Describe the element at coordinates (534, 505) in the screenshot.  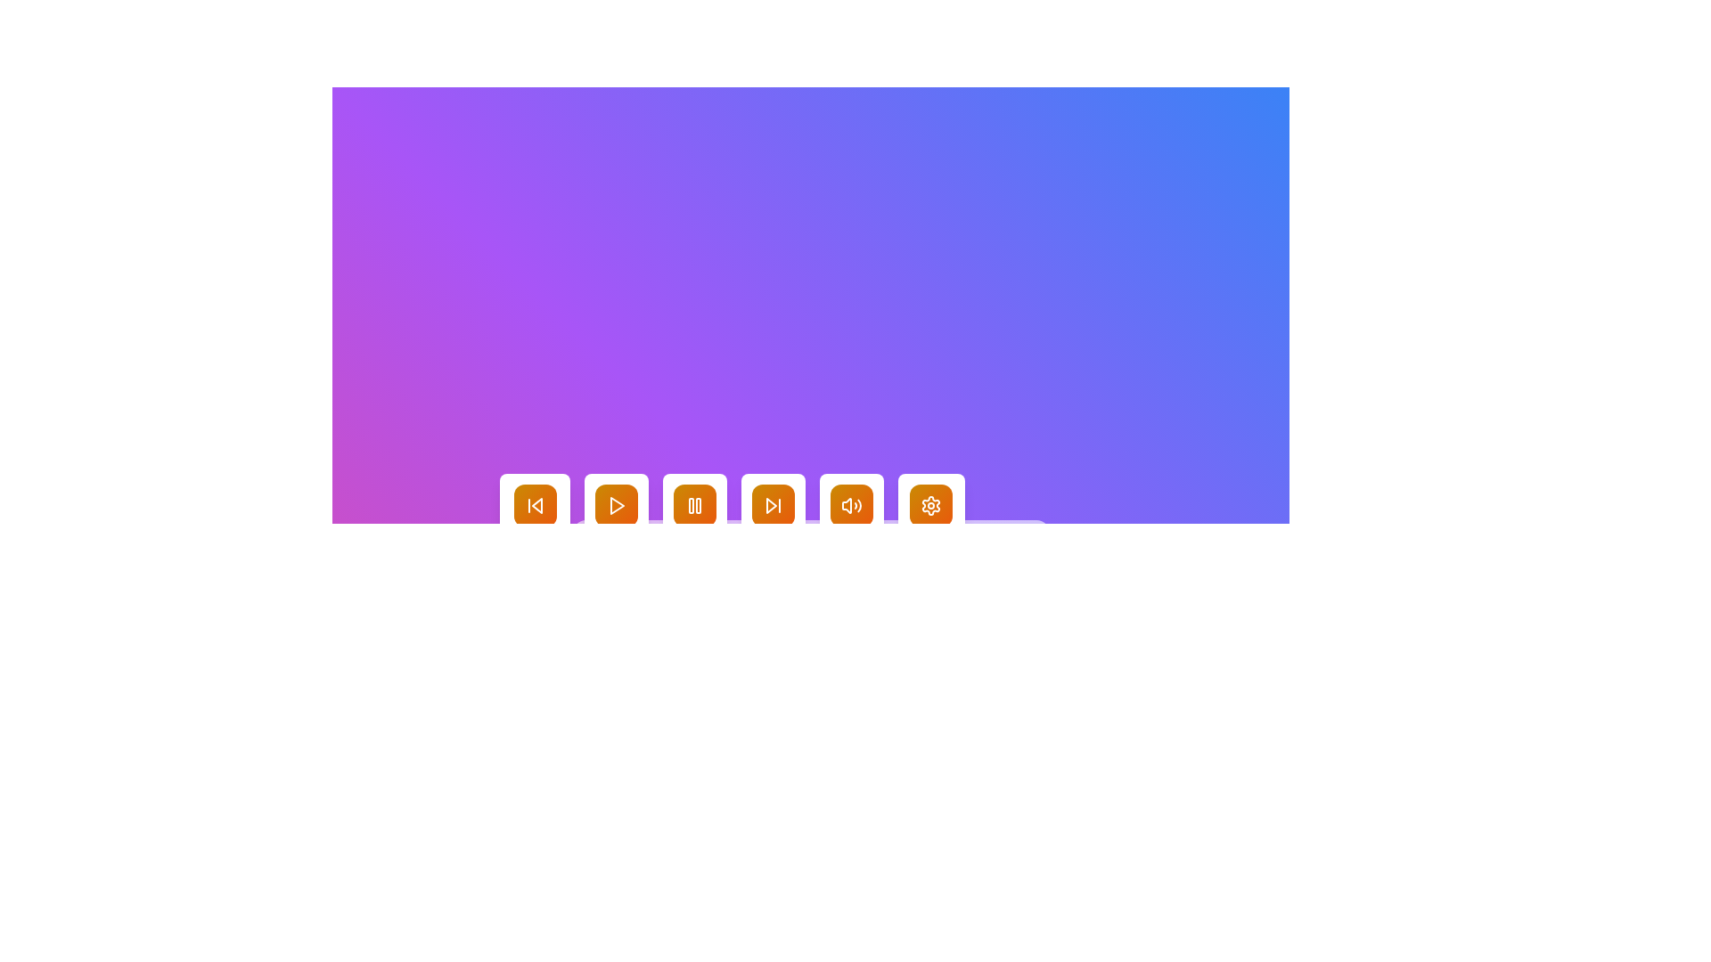
I see `the orange button with a white outlined backward arrow icon` at that location.